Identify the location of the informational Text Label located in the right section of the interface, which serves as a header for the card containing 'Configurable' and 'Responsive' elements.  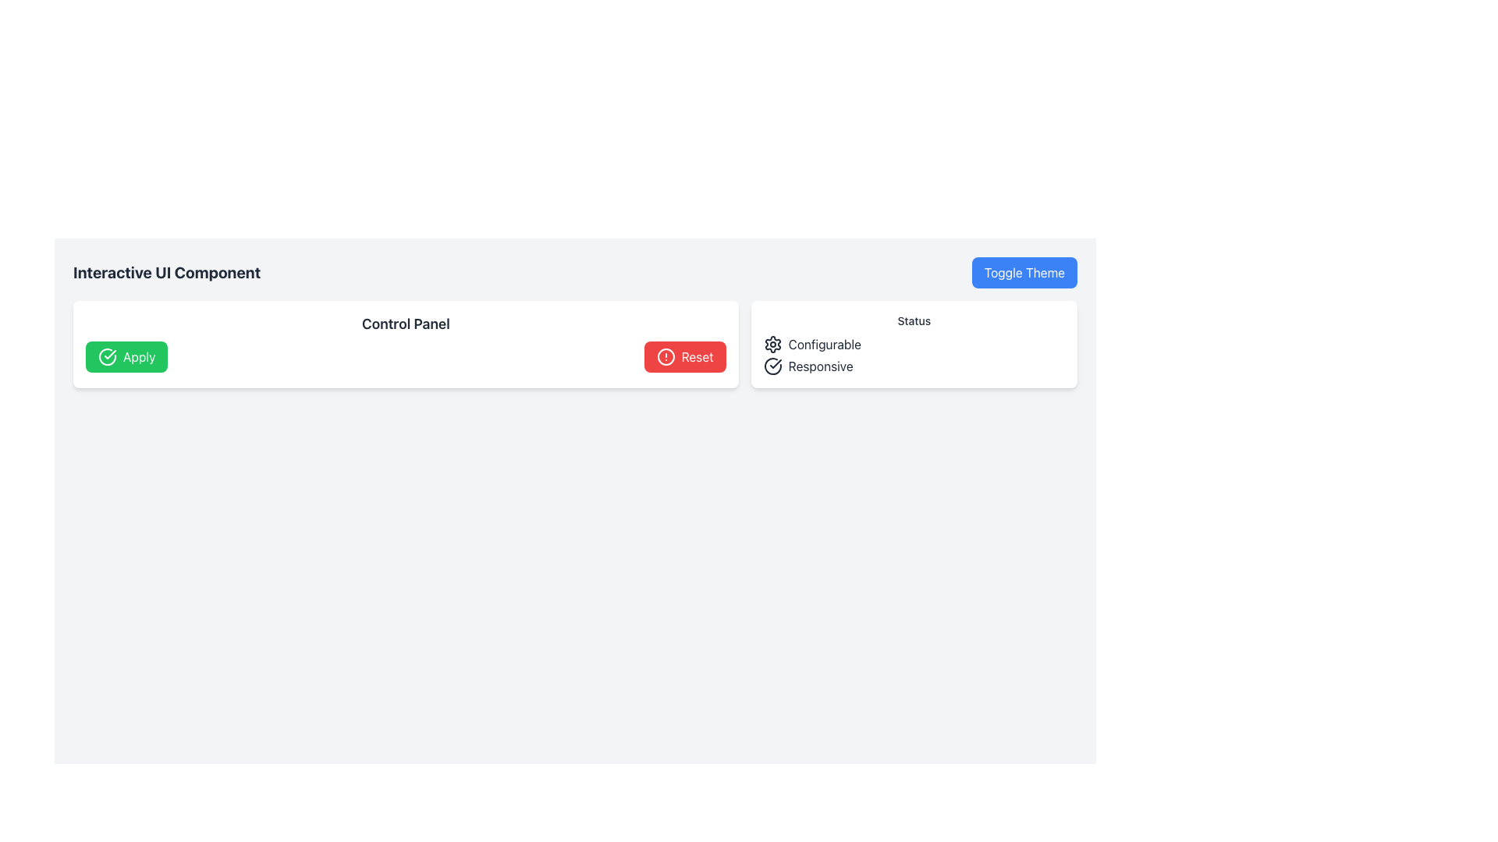
(914, 320).